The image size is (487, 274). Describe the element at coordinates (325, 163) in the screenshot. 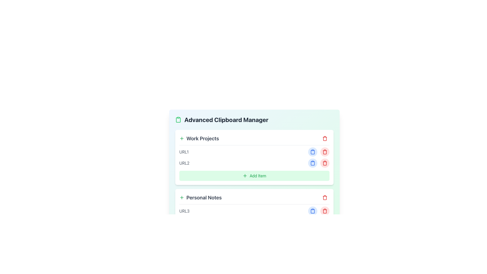

I see `the trash can icon button` at that location.